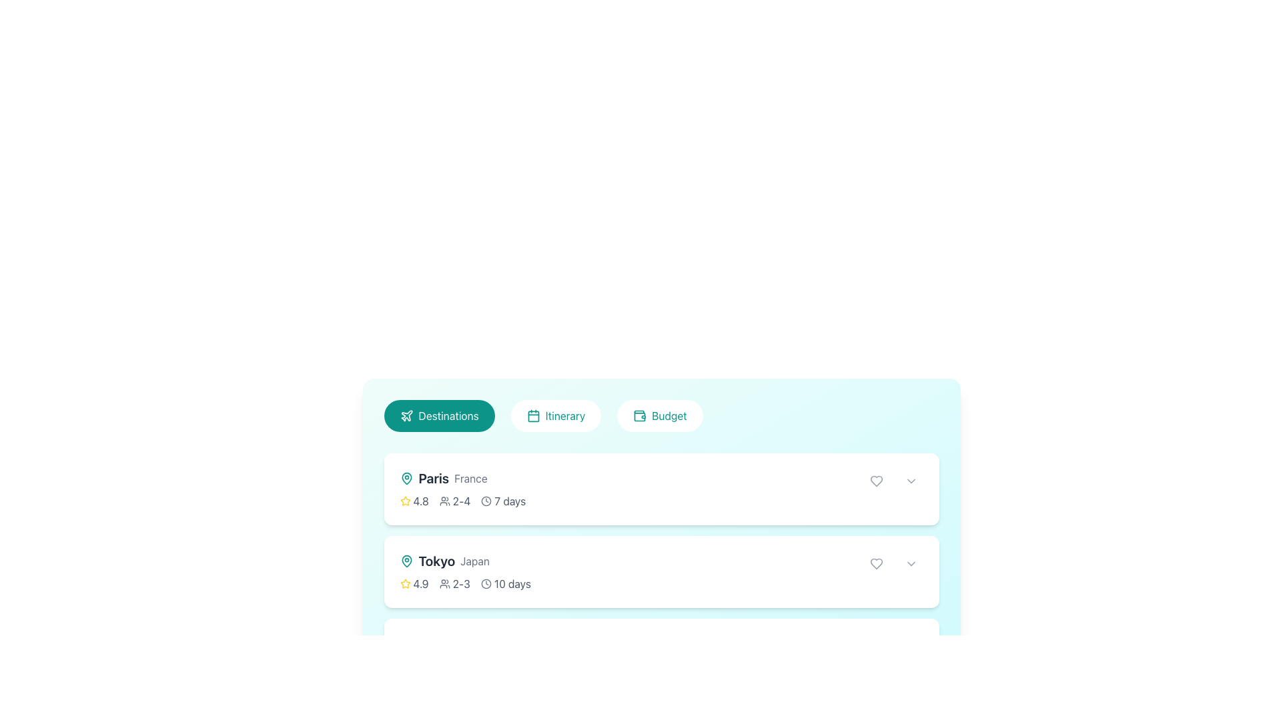  I want to click on text '10 days' which is displayed in a subdued gray color next to a clock icon in the second item of a vertical list, so click(512, 583).